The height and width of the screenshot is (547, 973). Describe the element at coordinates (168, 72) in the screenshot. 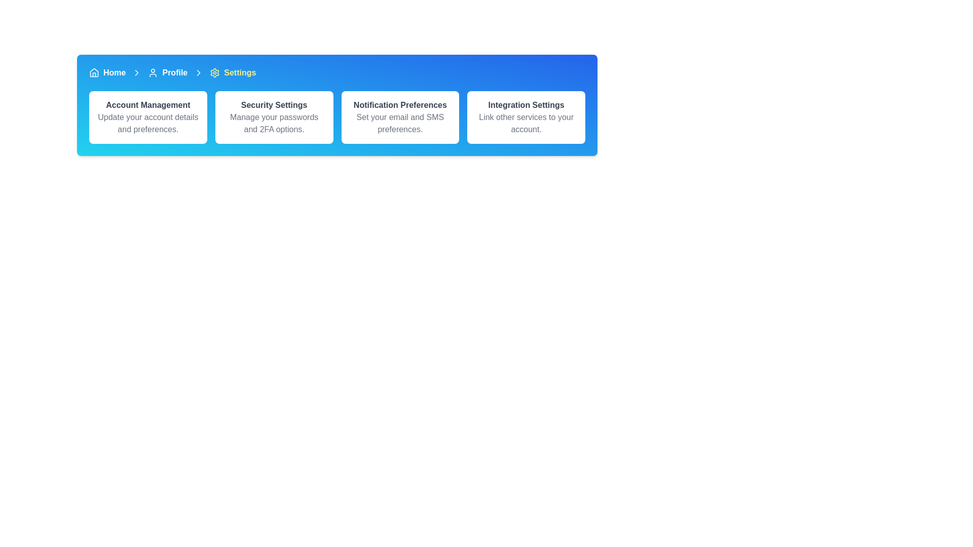

I see `the 'Profile' navigation link, which is styled with white text on a blue background and accompanied by a person icon` at that location.